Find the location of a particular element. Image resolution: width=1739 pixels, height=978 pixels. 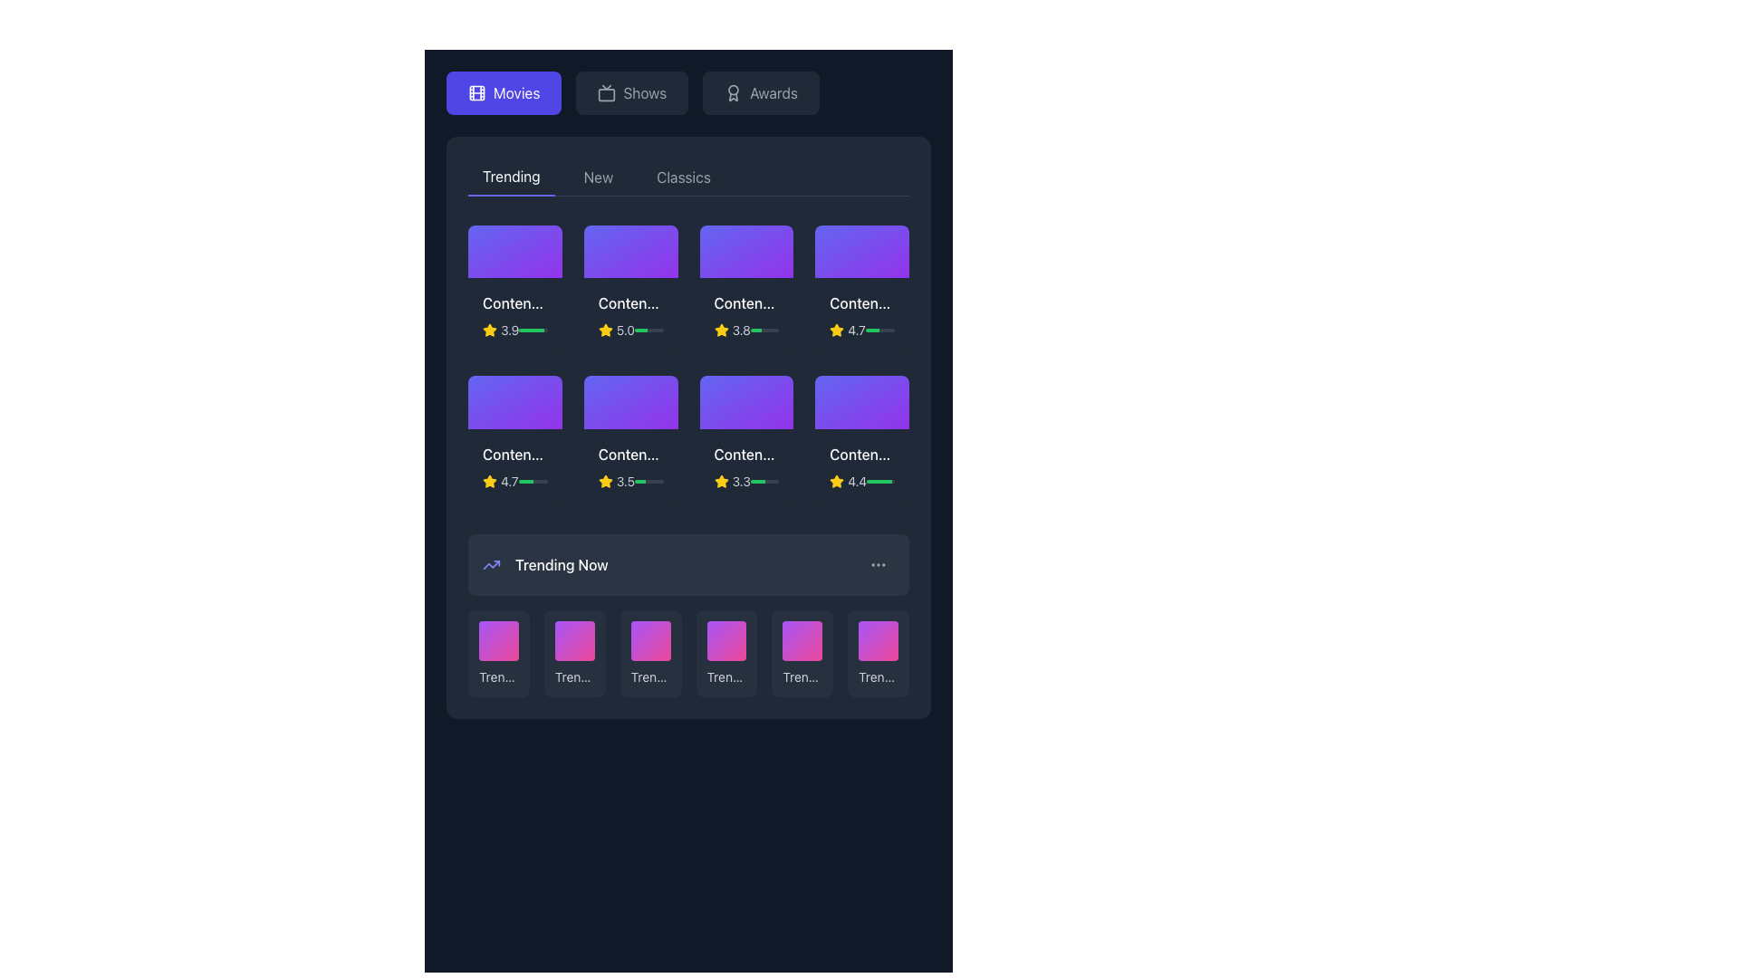

the first card in the first row of the grid layout under the 'Trending' tab by moving the cursor to its center point is located at coordinates (514, 289).